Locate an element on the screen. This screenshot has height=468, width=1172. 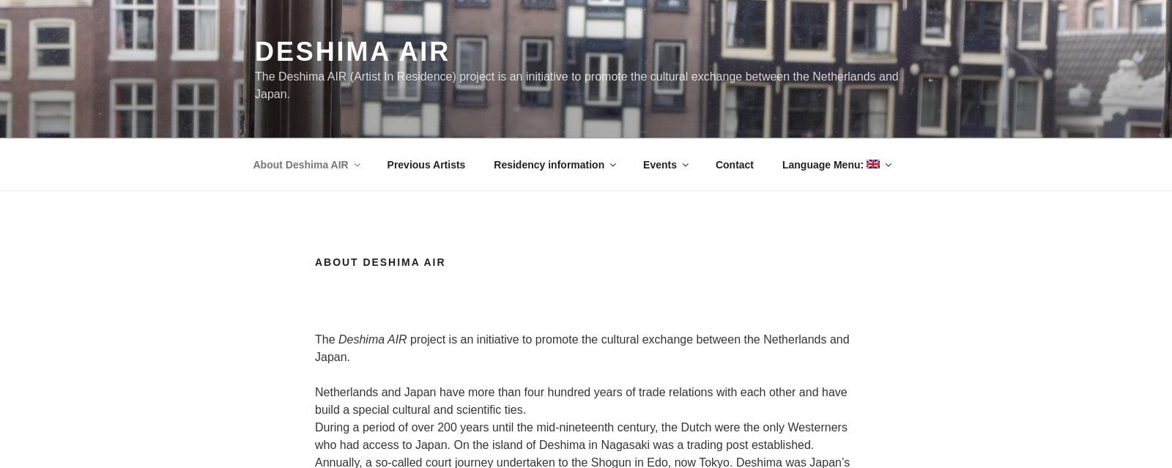
'Residency information' is located at coordinates (549, 163).